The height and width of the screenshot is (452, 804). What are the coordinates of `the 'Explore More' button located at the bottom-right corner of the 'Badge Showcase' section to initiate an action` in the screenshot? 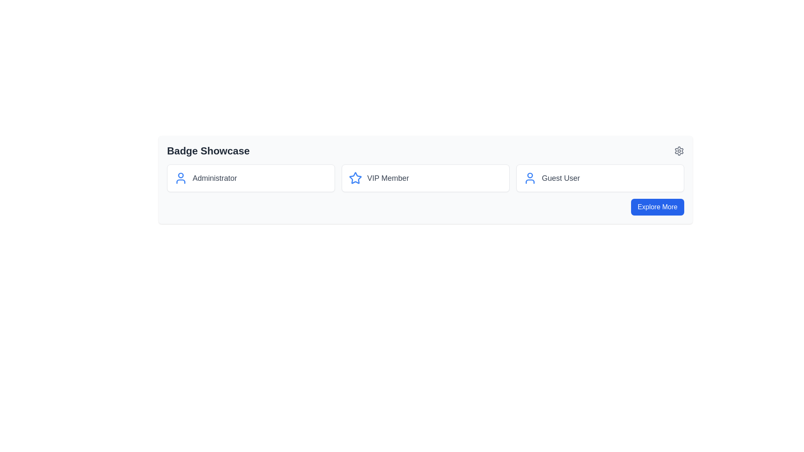 It's located at (657, 207).